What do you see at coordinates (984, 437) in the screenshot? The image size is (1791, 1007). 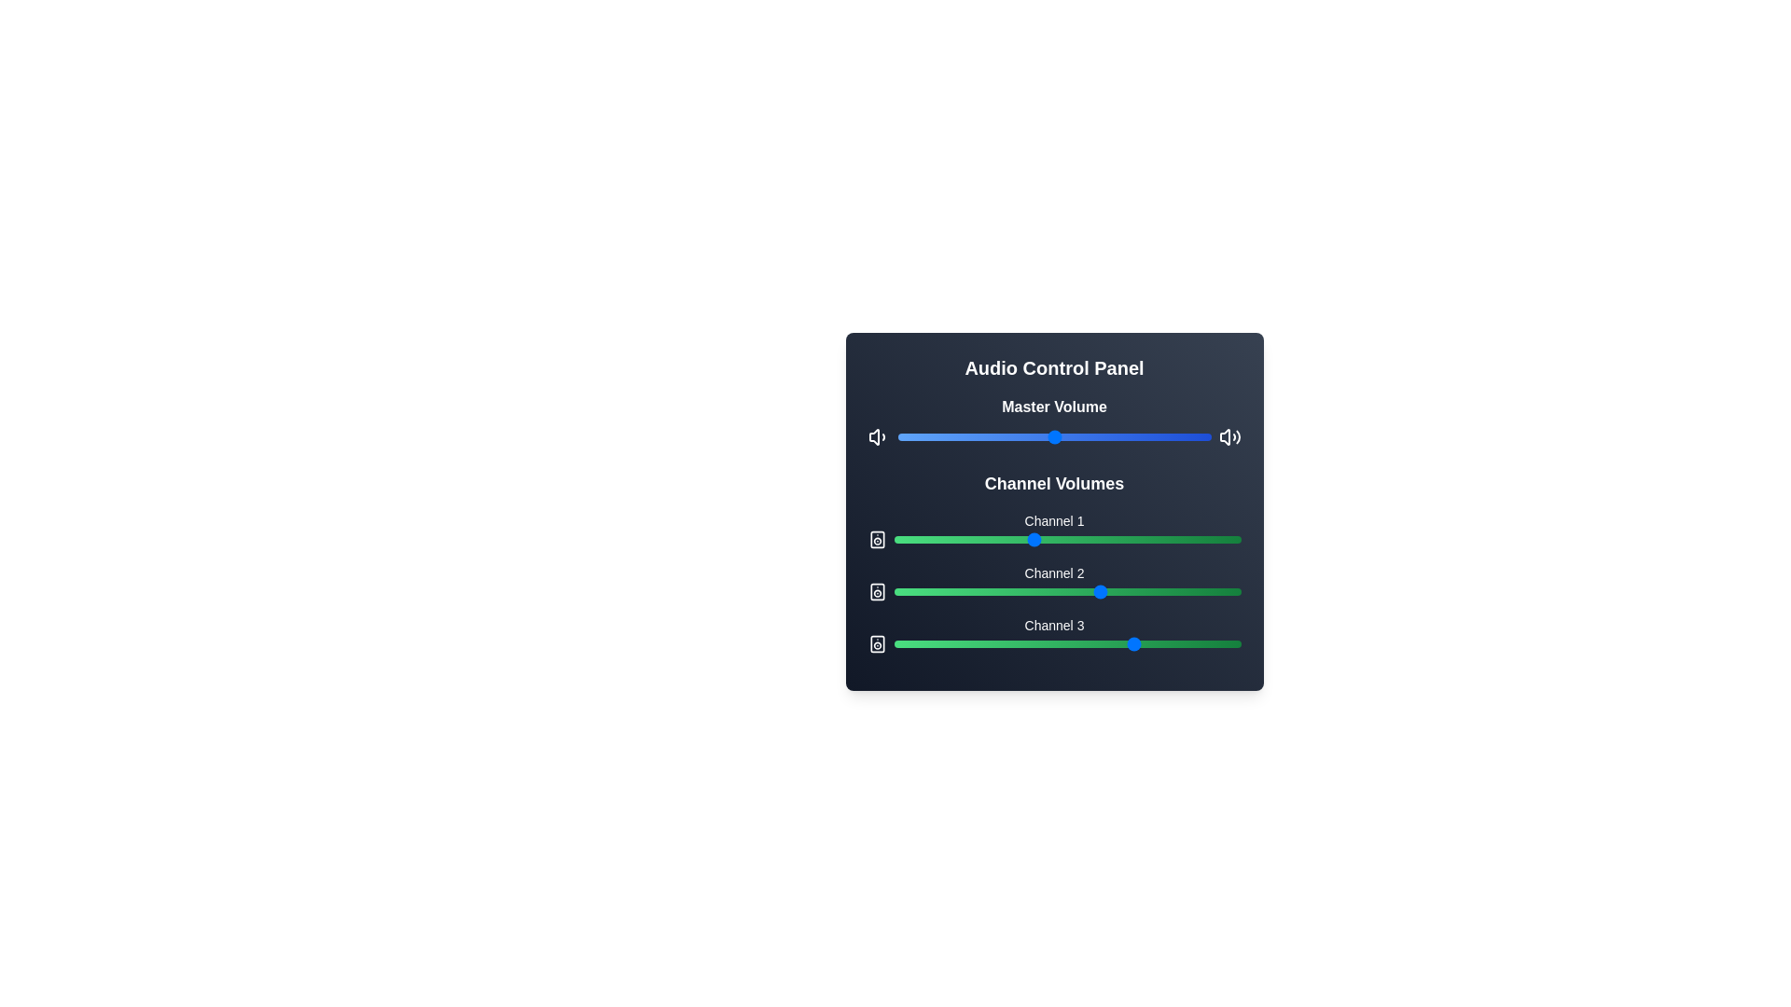 I see `the master volume` at bounding box center [984, 437].